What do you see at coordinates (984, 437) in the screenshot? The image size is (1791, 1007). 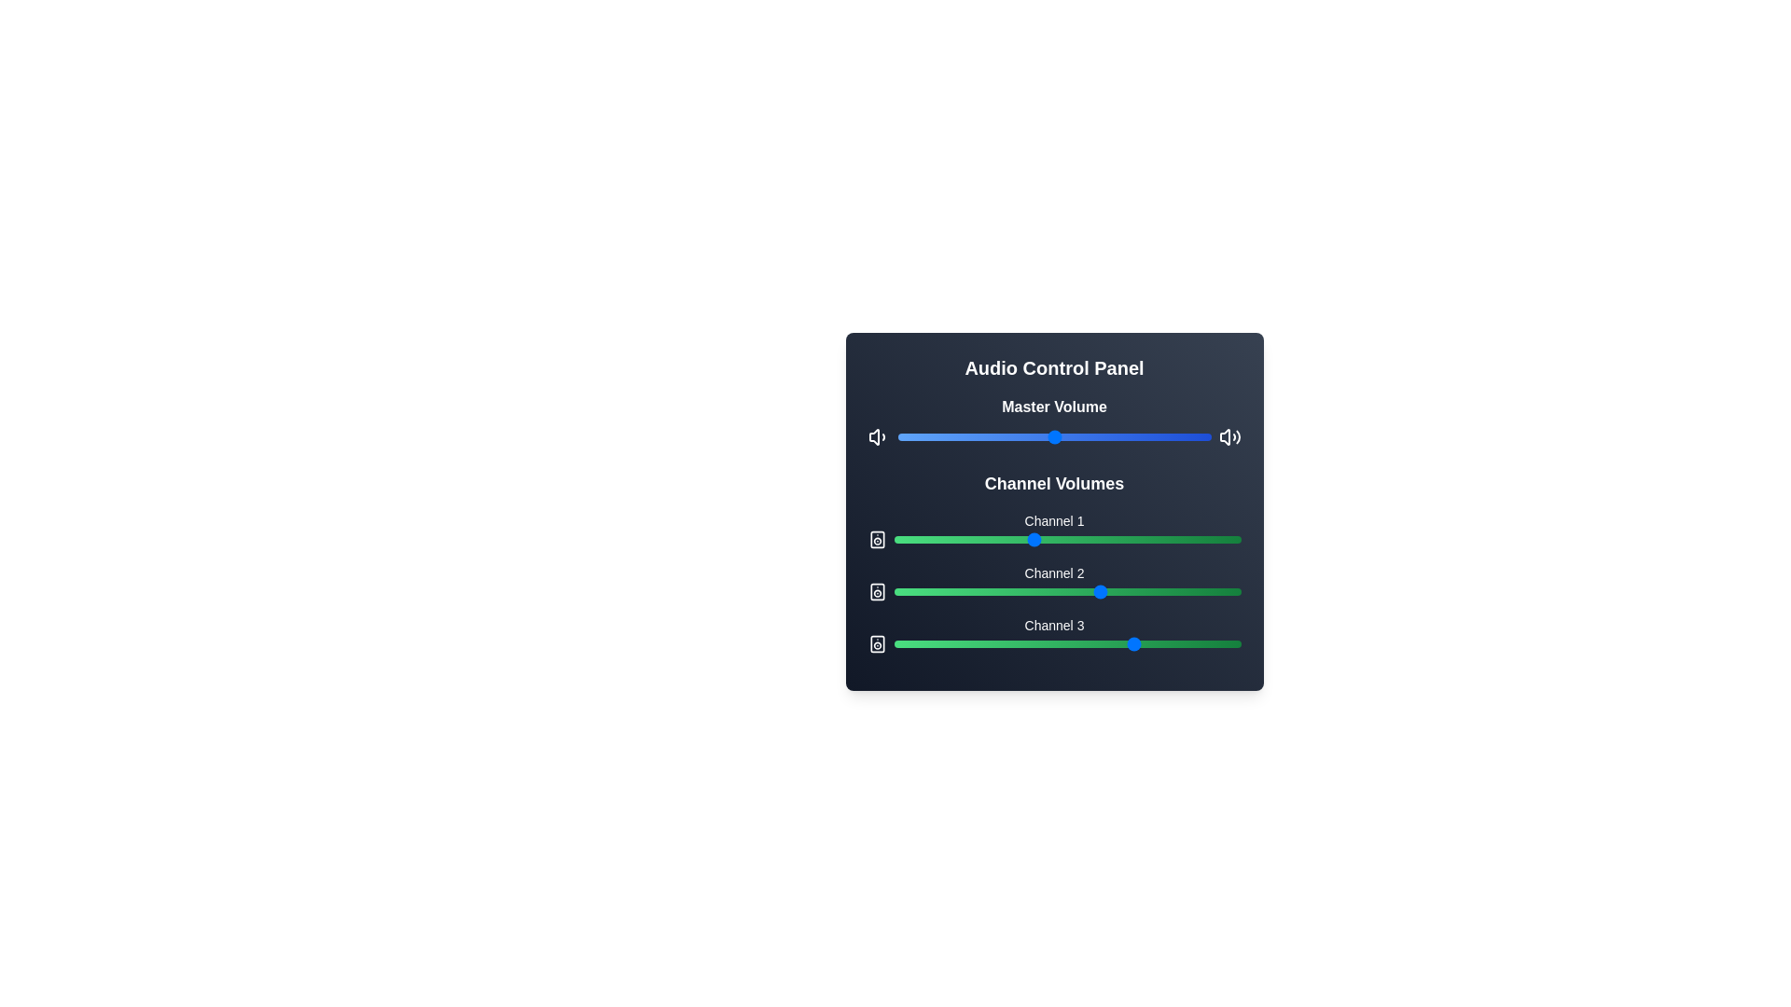 I see `the master volume` at bounding box center [984, 437].